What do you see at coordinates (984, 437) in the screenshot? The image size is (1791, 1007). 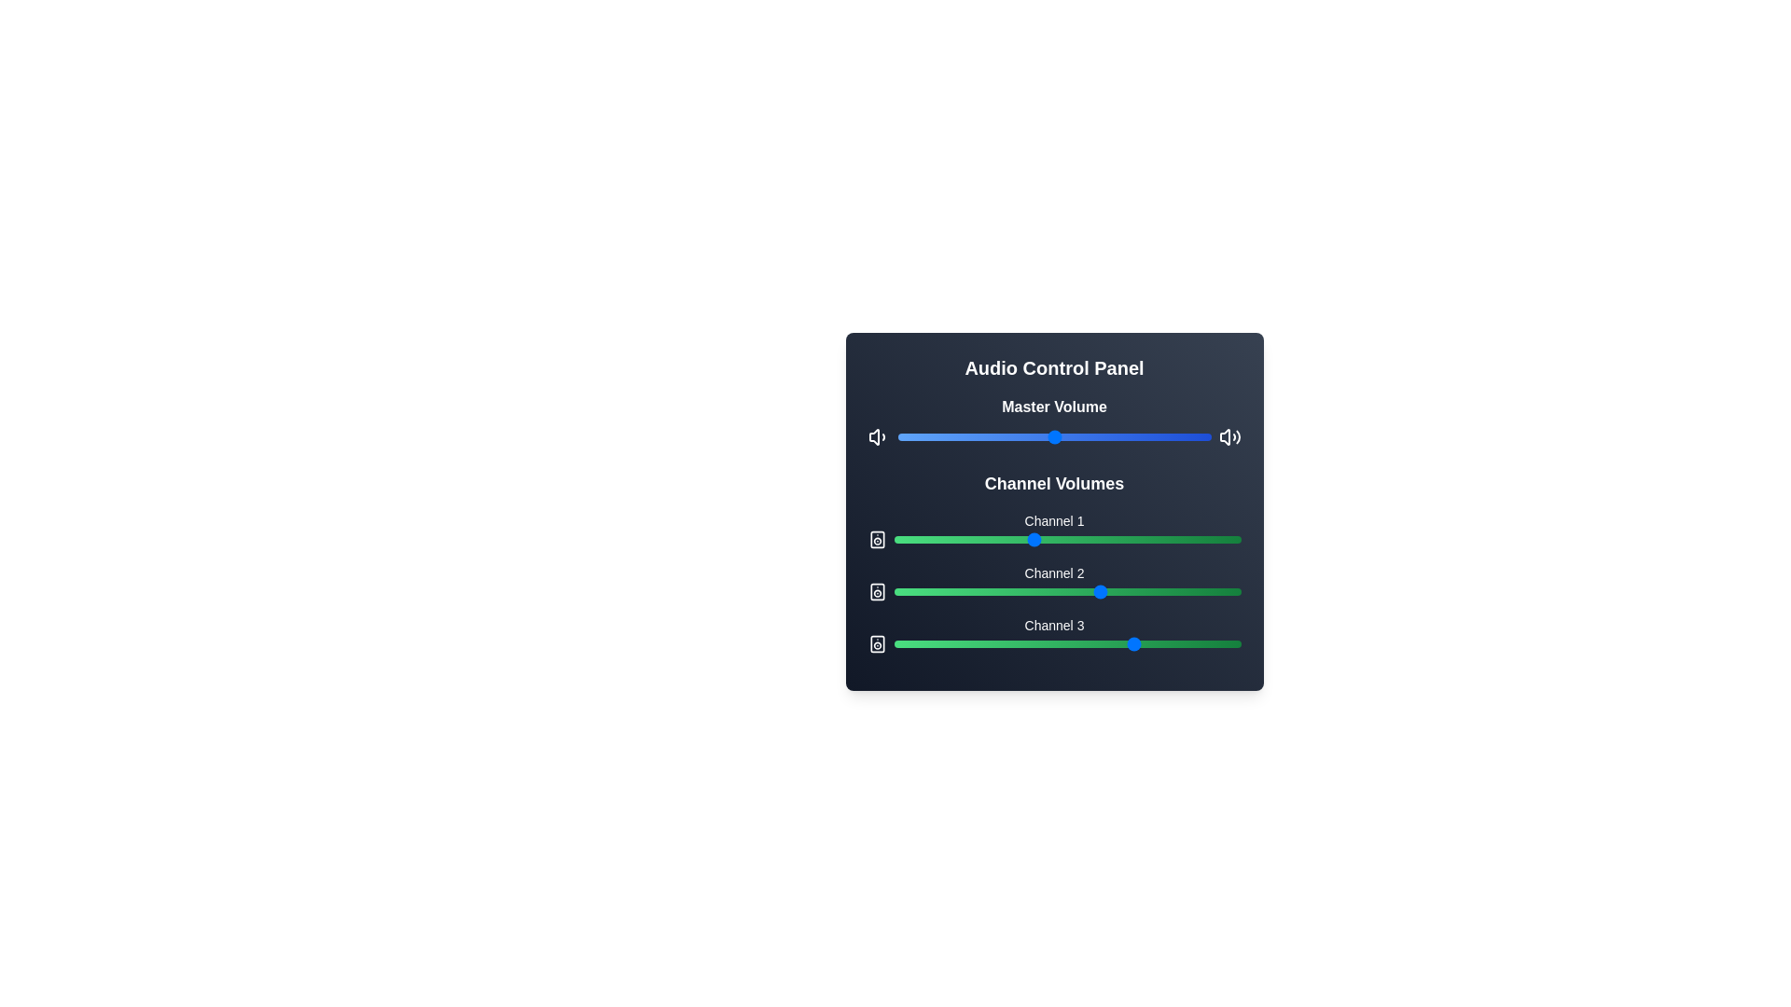 I see `the master volume` at bounding box center [984, 437].